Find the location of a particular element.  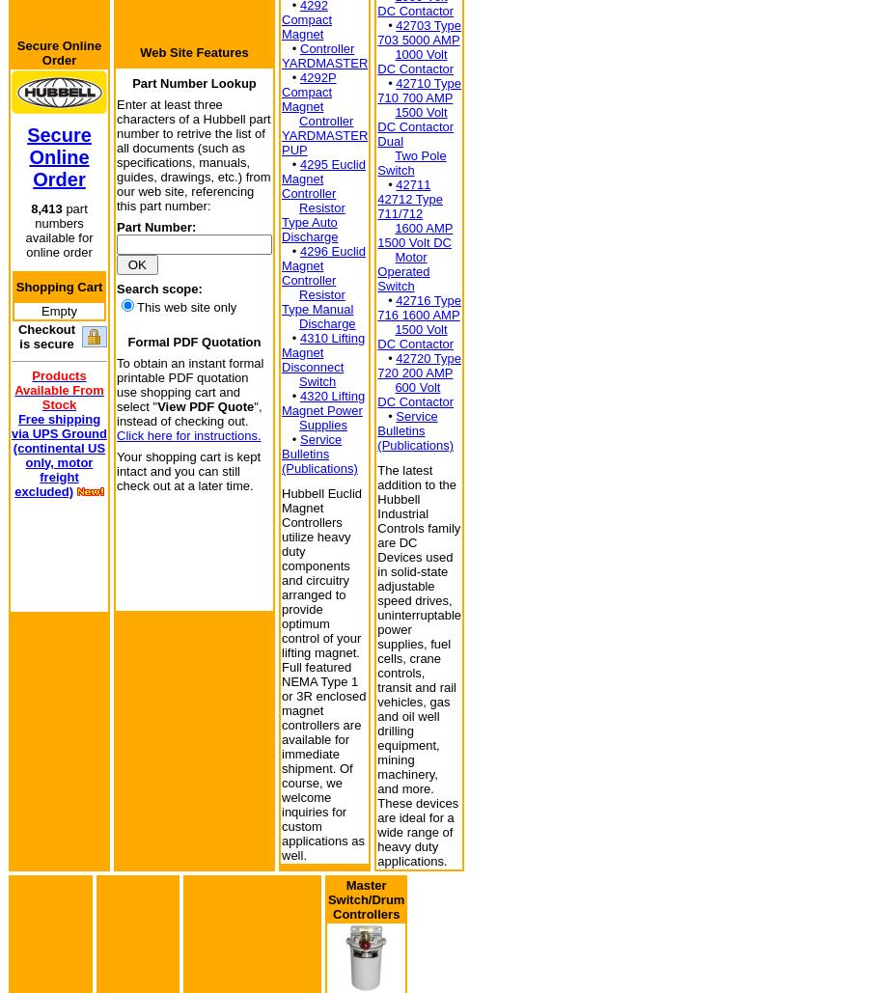

'600 Volt DC Contactor' is located at coordinates (414, 394).